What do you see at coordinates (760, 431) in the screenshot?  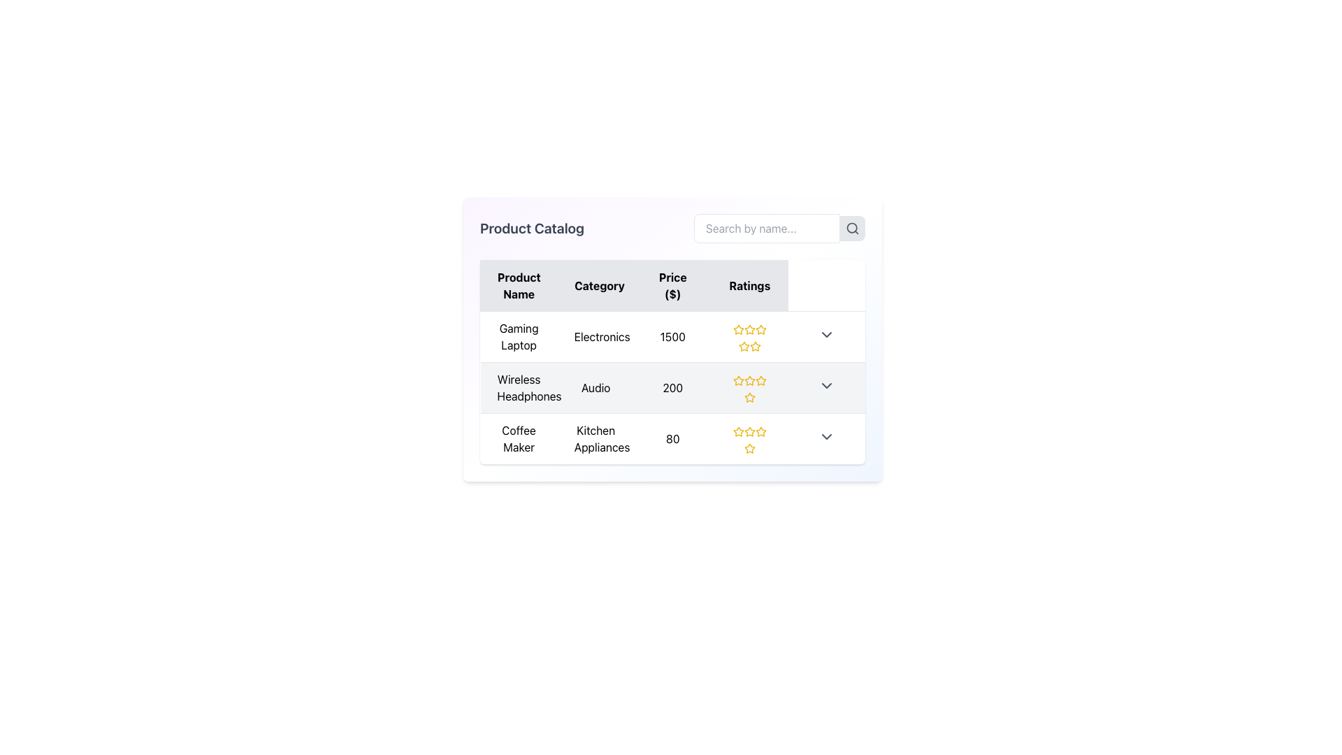 I see `the fifth yellow star icon in the rating system for the Coffee Maker product to set or view the rating` at bounding box center [760, 431].